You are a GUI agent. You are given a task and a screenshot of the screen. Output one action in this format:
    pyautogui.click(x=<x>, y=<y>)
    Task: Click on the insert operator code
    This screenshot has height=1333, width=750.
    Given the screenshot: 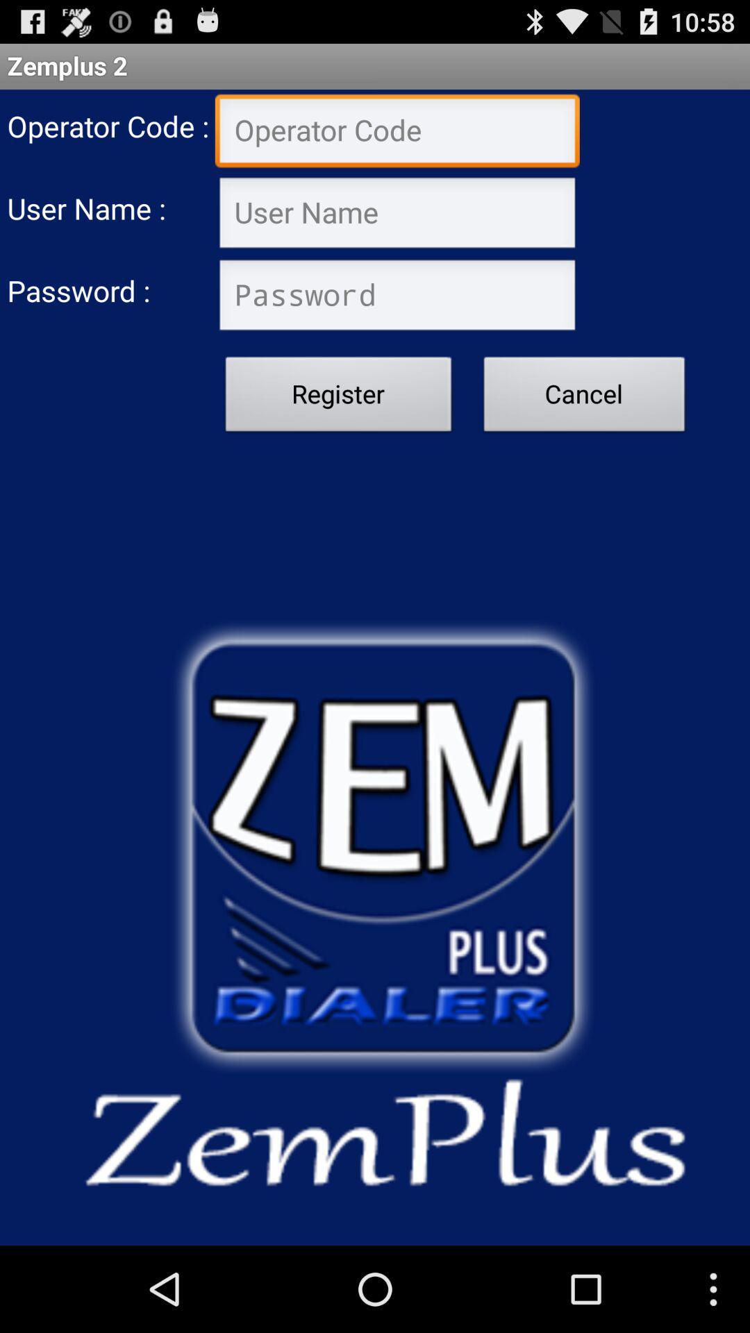 What is the action you would take?
    pyautogui.click(x=397, y=132)
    